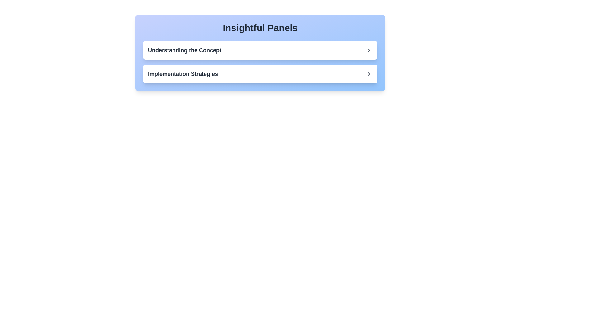  What do you see at coordinates (260, 74) in the screenshot?
I see `the 'Implementation Strategies' button` at bounding box center [260, 74].